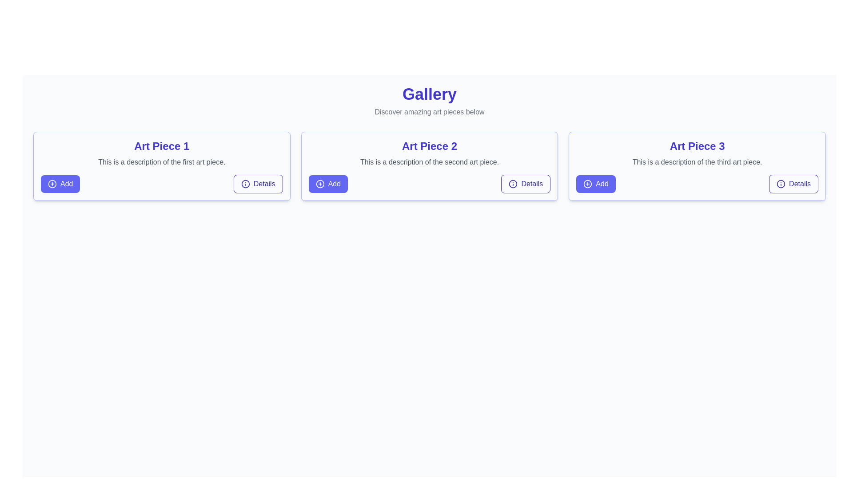 The height and width of the screenshot is (479, 853). What do you see at coordinates (327, 184) in the screenshot?
I see `the 'Add' button with a solid blue background and a white plus icon, located in the bottom-left corner of the 'Art Piece 2' card` at bounding box center [327, 184].